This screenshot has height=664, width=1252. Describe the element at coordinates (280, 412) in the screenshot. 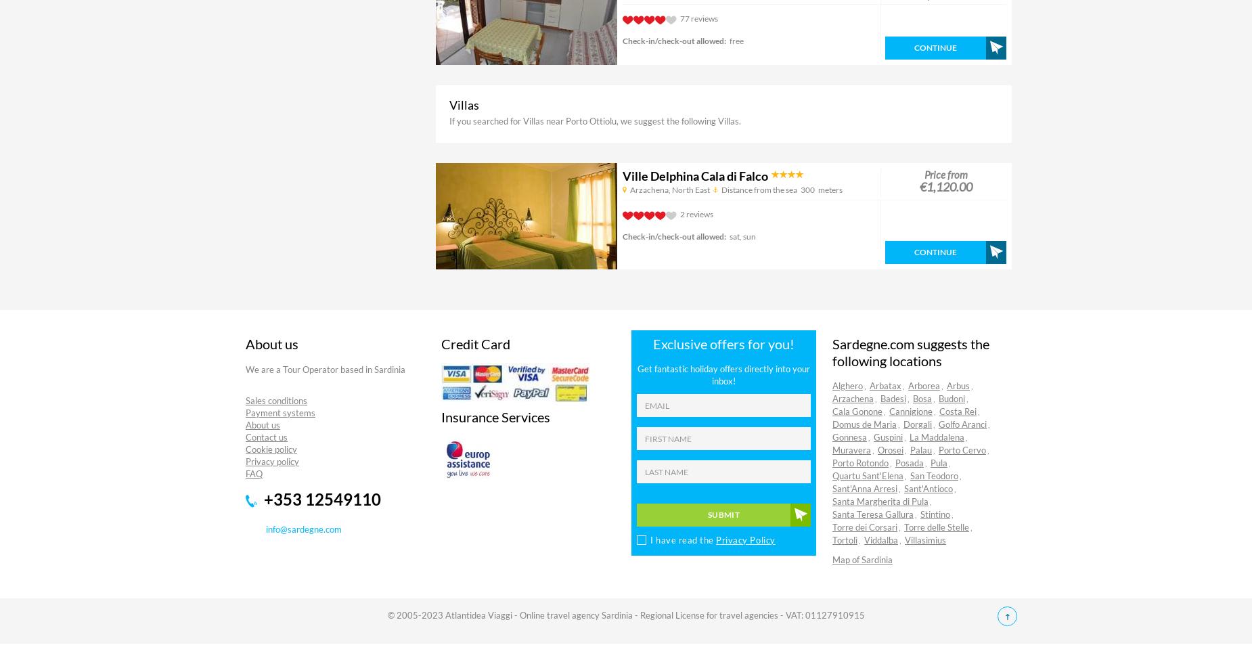

I see `'Payment systems'` at that location.